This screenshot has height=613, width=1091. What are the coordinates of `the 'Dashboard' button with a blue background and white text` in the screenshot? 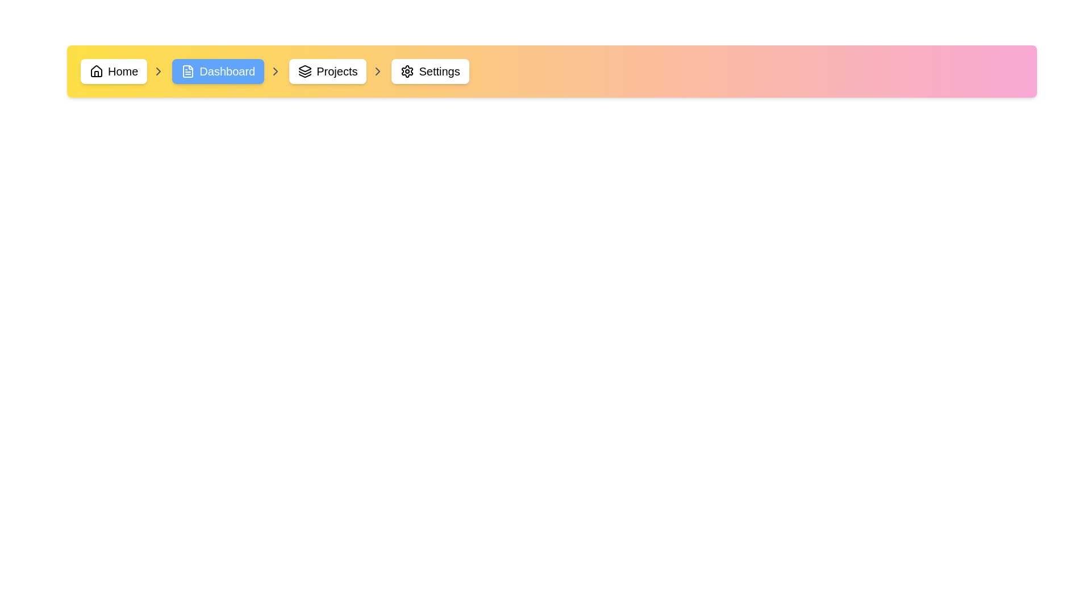 It's located at (227, 72).